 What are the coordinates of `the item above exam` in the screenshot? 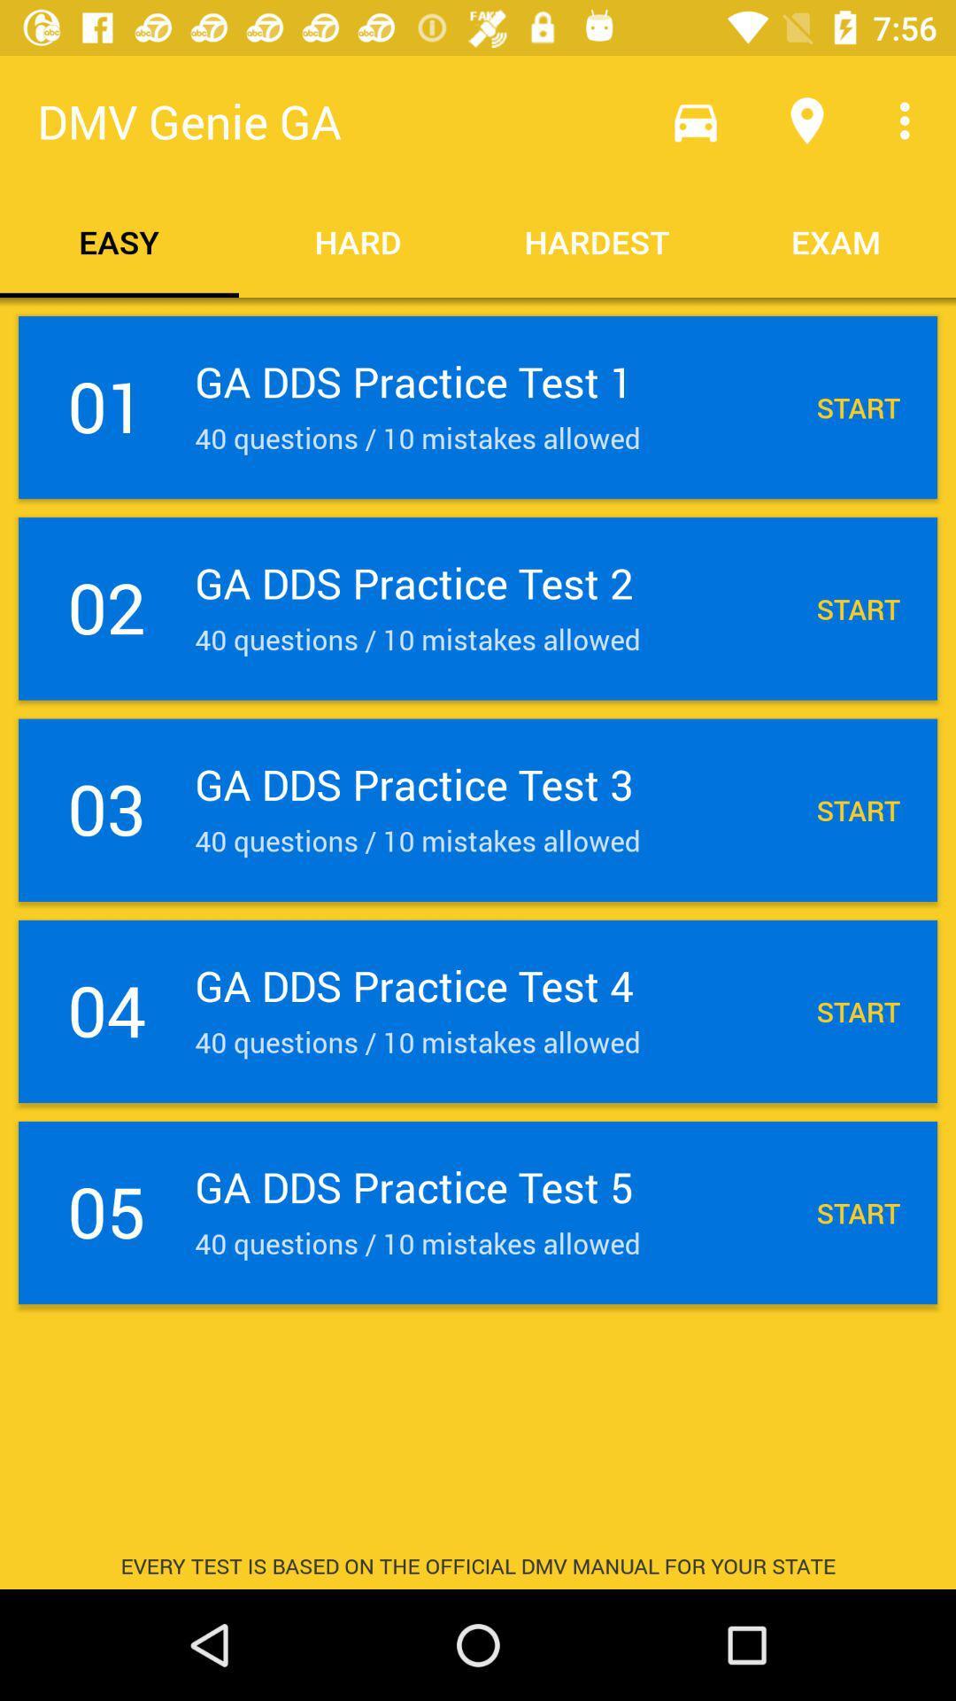 It's located at (909, 120).